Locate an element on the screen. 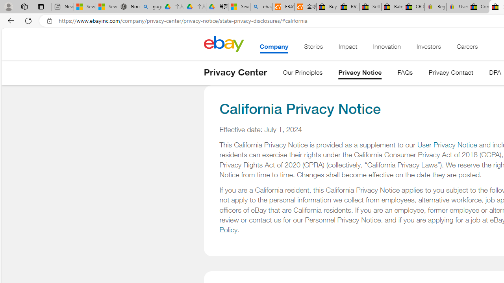  'guge yunpan - Search' is located at coordinates (151, 7).